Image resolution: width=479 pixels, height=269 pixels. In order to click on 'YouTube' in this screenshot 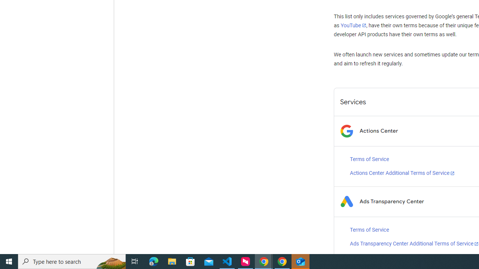, I will do `click(353, 25)`.